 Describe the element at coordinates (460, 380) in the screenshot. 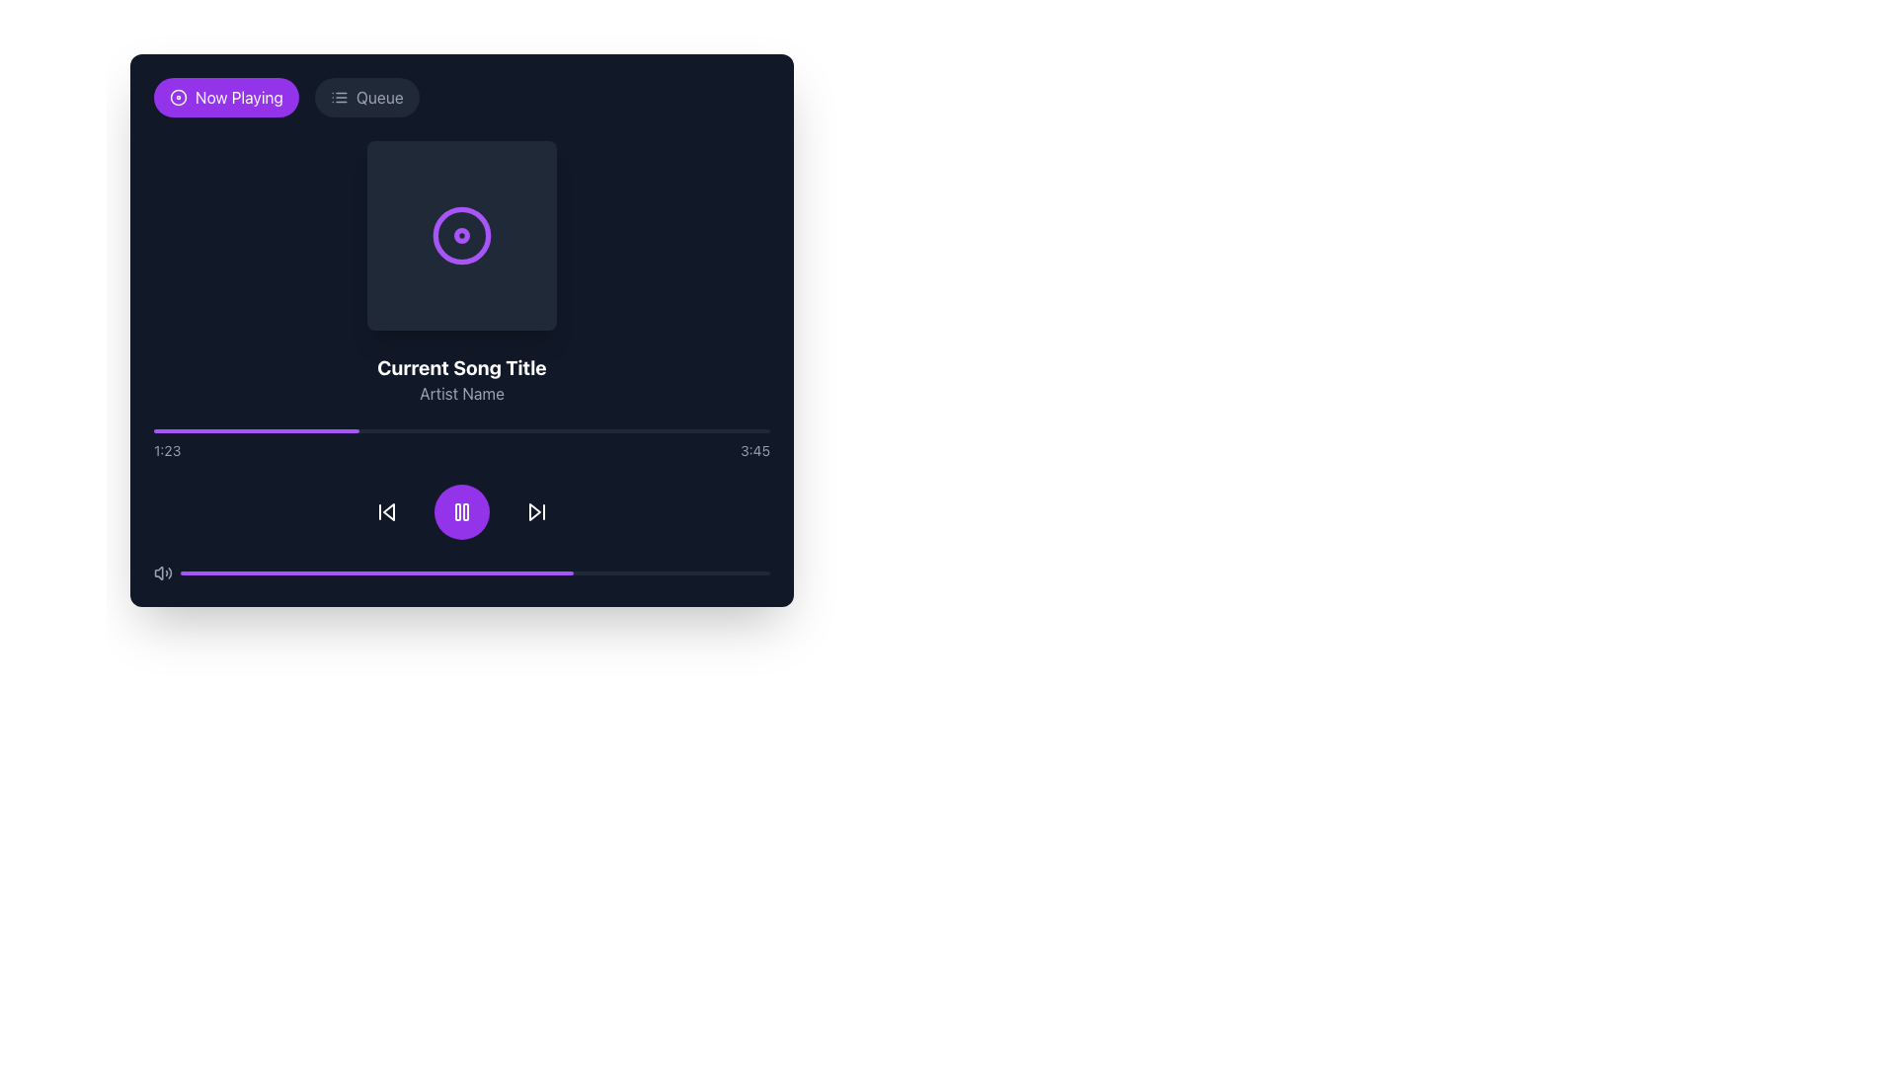

I see `the text display element that shows 'Current Song Title' in a bold, large font and 'Artist Name' in a lighter, smaller font, centrally positioned below the graphical disc` at that location.